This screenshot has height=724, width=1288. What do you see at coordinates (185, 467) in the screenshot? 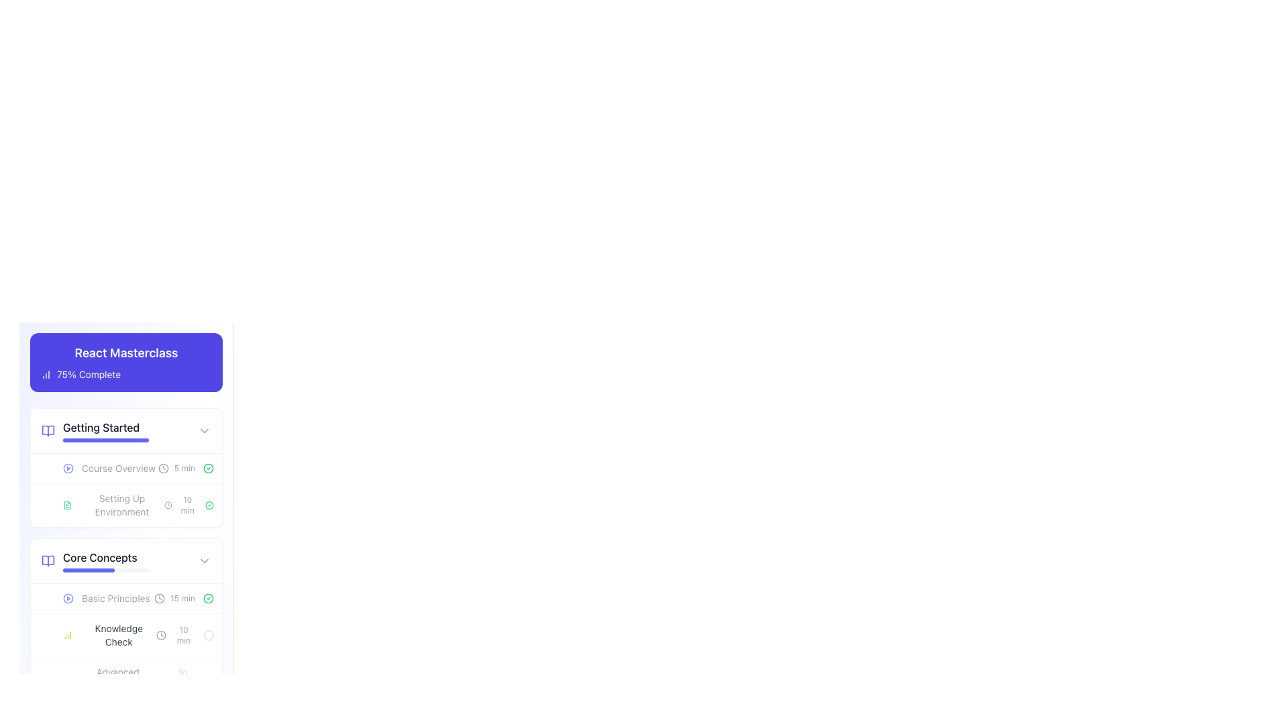
I see `text label indicating the duration of the course segment labeled 'Course Overview', which is positioned to the right of the 'Course Overview' text and between a clock icon and a check icon in the 'Getting Started' section of the 'React Masterclass' interface` at bounding box center [185, 467].